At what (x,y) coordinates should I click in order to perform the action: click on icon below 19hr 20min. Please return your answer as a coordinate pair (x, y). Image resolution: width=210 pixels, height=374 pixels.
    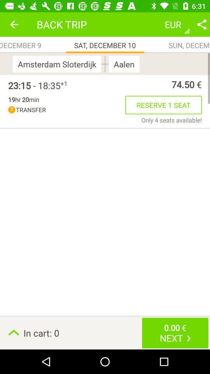
    Looking at the image, I should click on (66, 109).